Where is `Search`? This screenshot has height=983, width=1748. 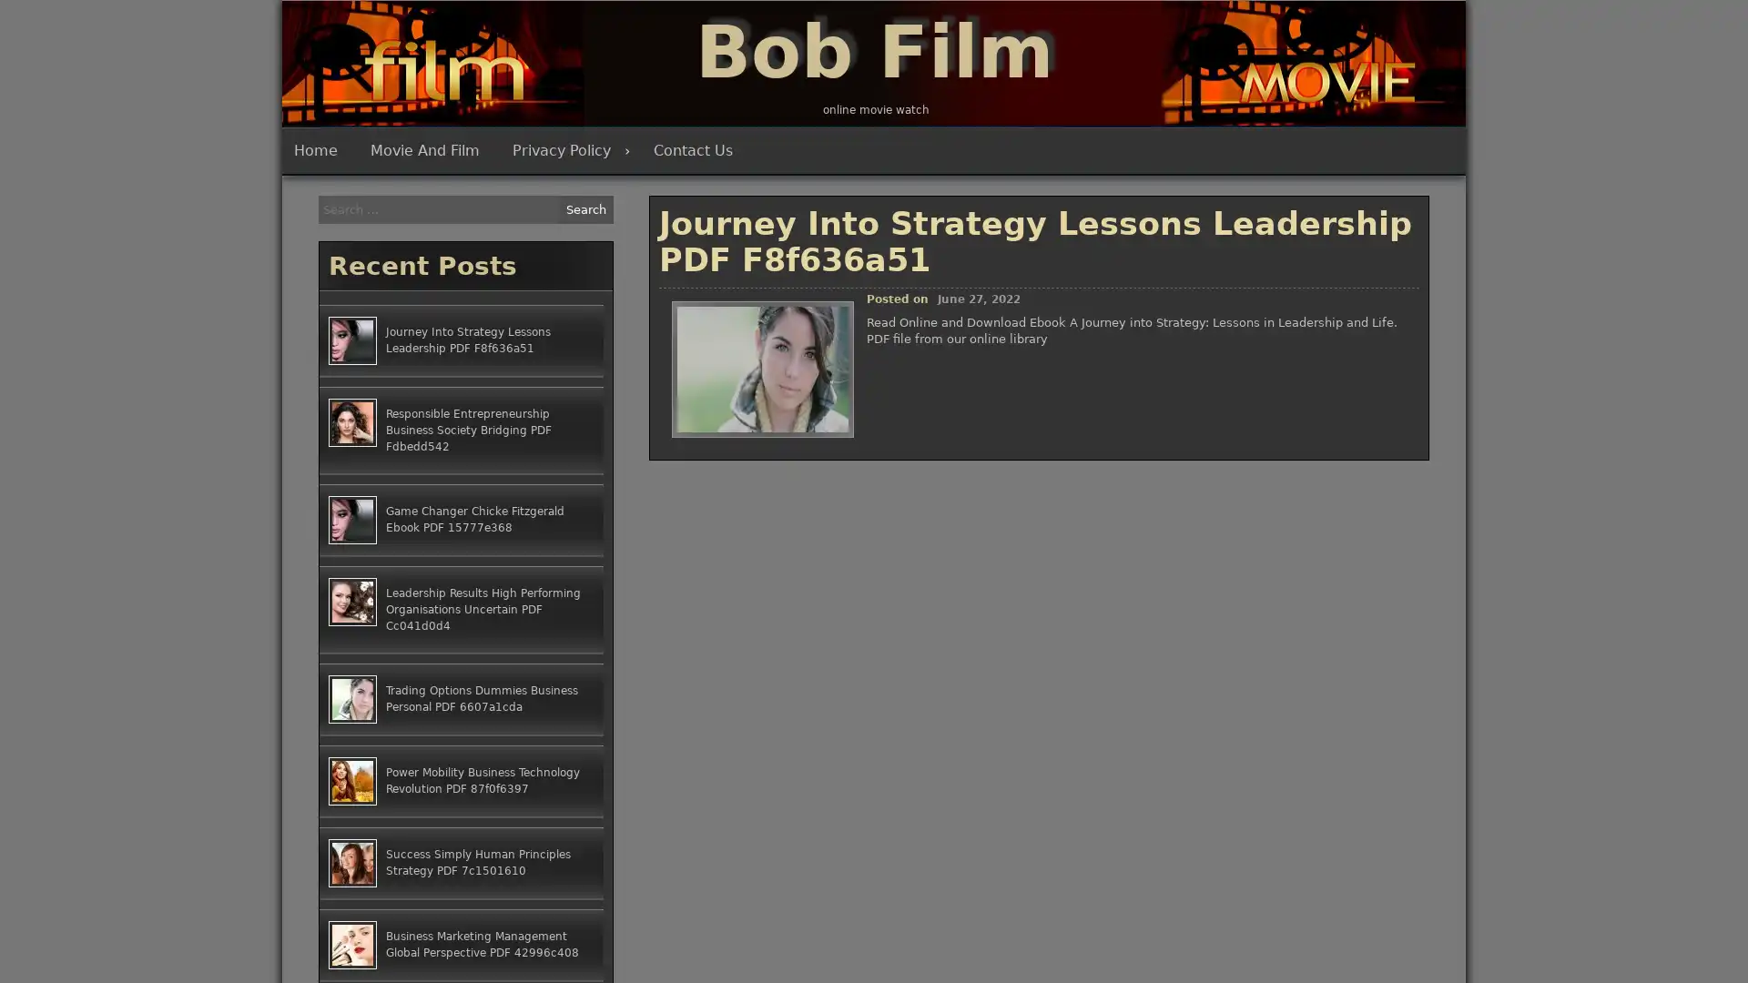 Search is located at coordinates (585, 208).